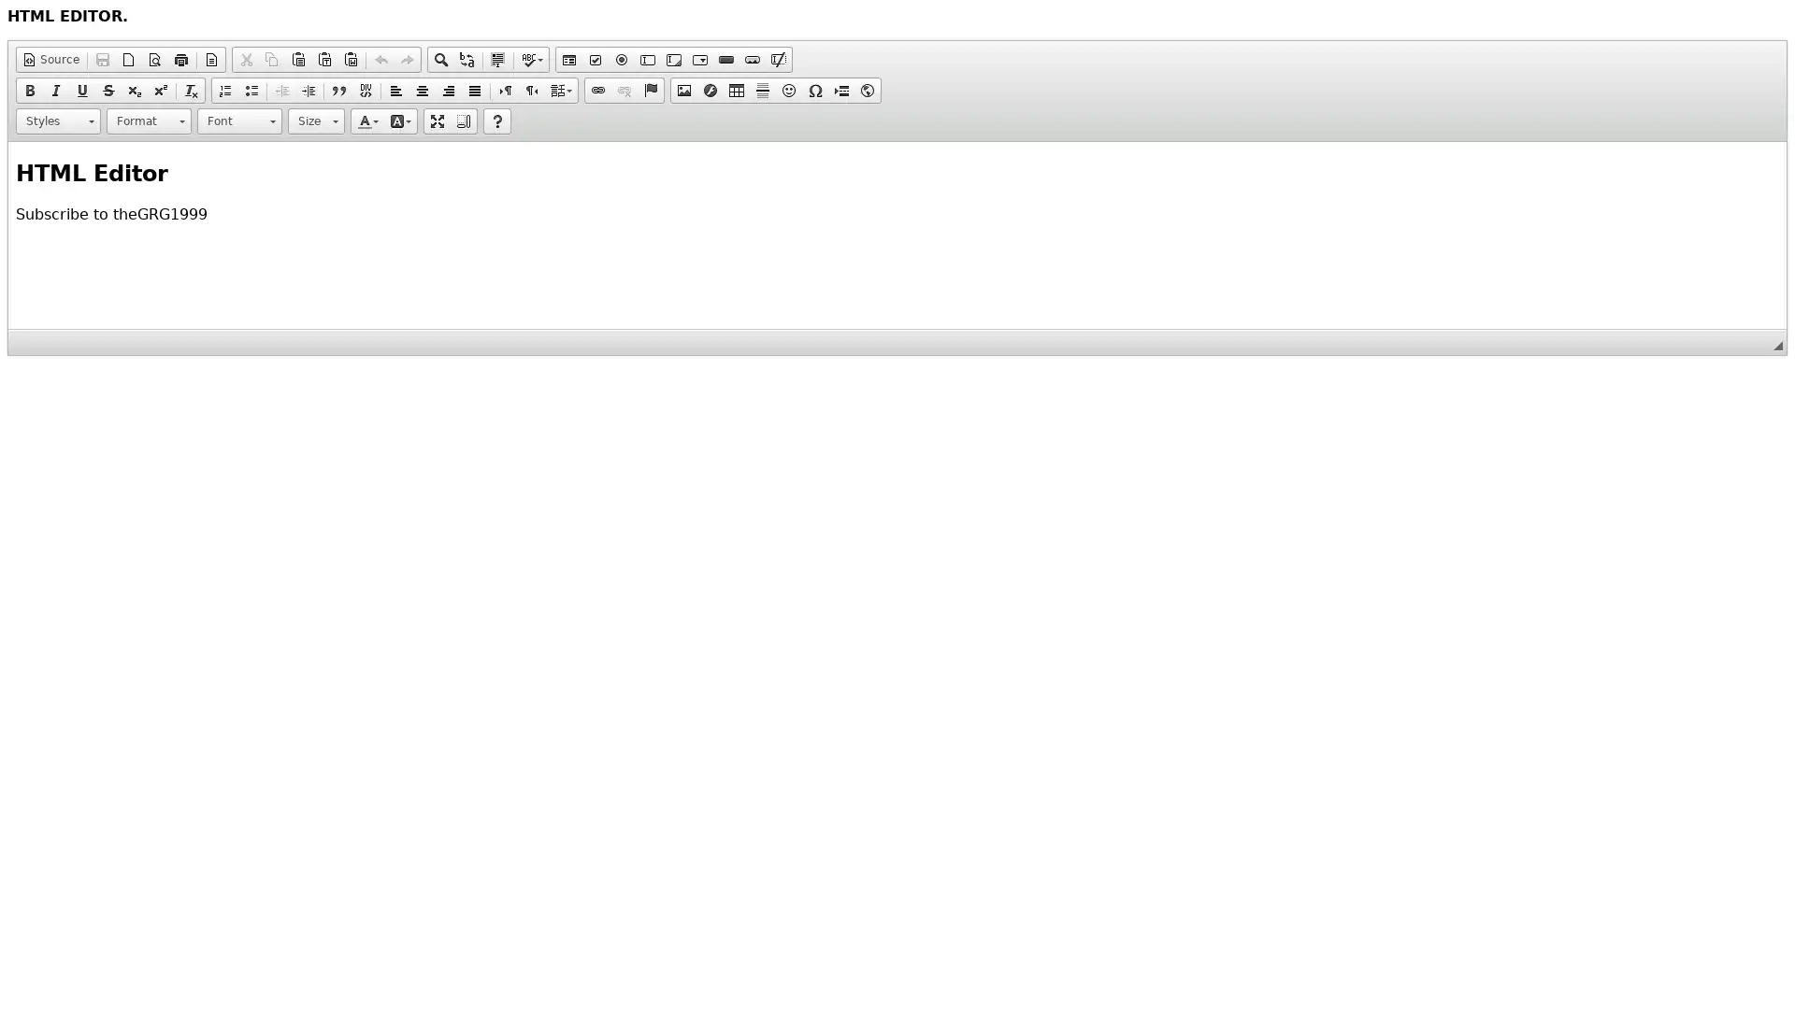 The image size is (1795, 1009). I want to click on Insert Horizontal Line, so click(763, 90).